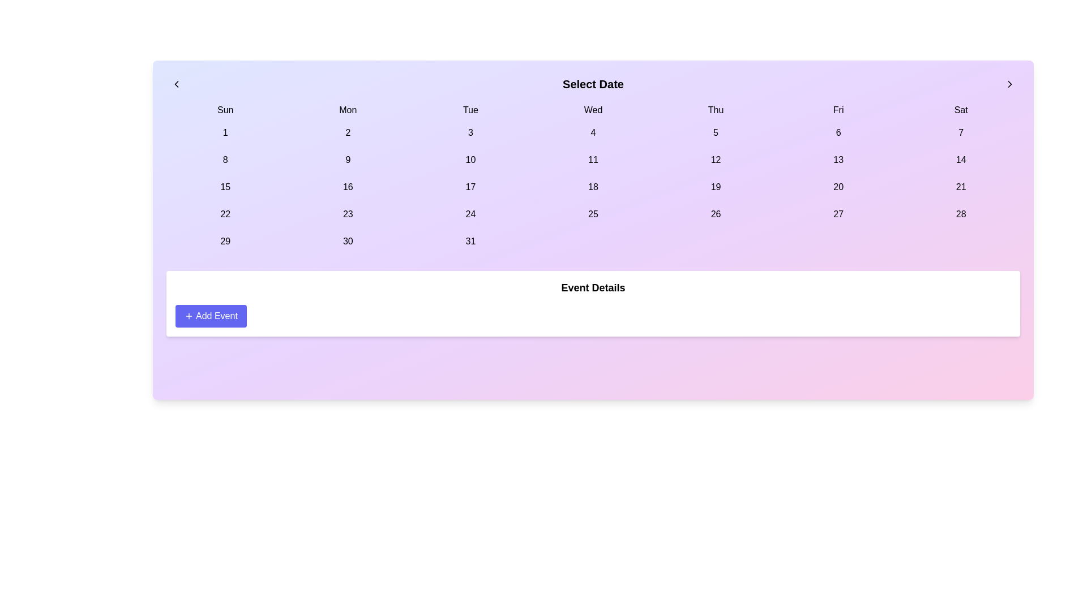 Image resolution: width=1087 pixels, height=611 pixels. I want to click on the selectable date button for the '1st' day of the month in the calendar UI, located under the 'Sun' header, so click(225, 132).